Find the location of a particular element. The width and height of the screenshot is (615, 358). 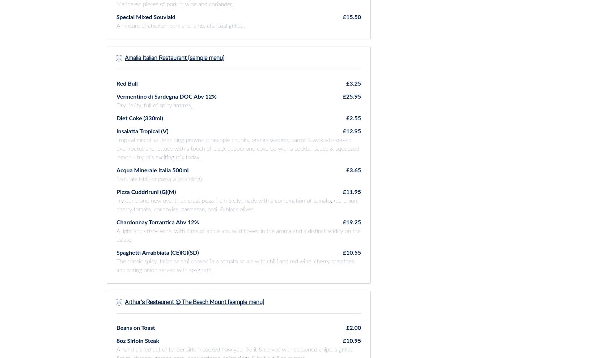

'Special Mixed Souvlaki' is located at coordinates (145, 17).